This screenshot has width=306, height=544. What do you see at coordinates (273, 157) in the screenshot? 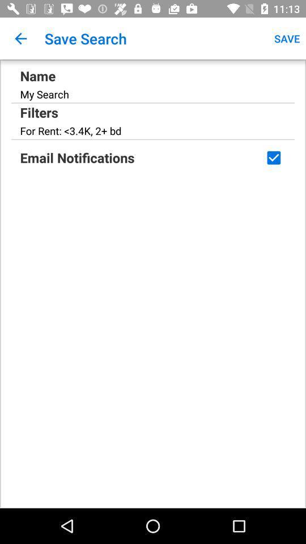
I see `turn on notification` at bounding box center [273, 157].